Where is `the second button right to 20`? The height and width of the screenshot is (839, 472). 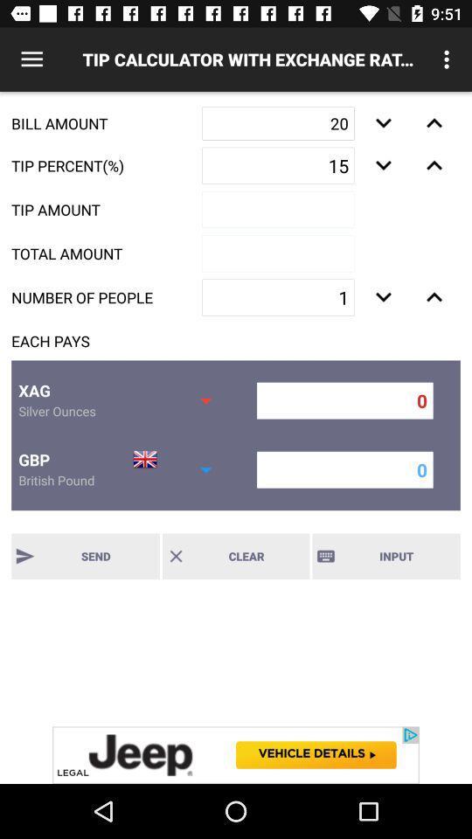
the second button right to 20 is located at coordinates (434, 122).